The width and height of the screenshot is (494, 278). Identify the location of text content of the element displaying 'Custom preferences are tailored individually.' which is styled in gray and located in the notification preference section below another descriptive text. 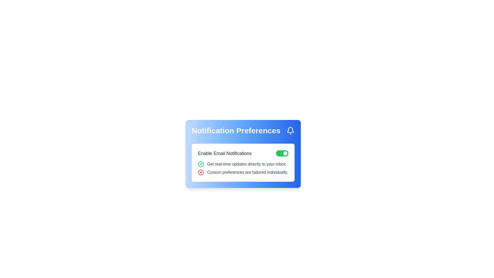
(248, 172).